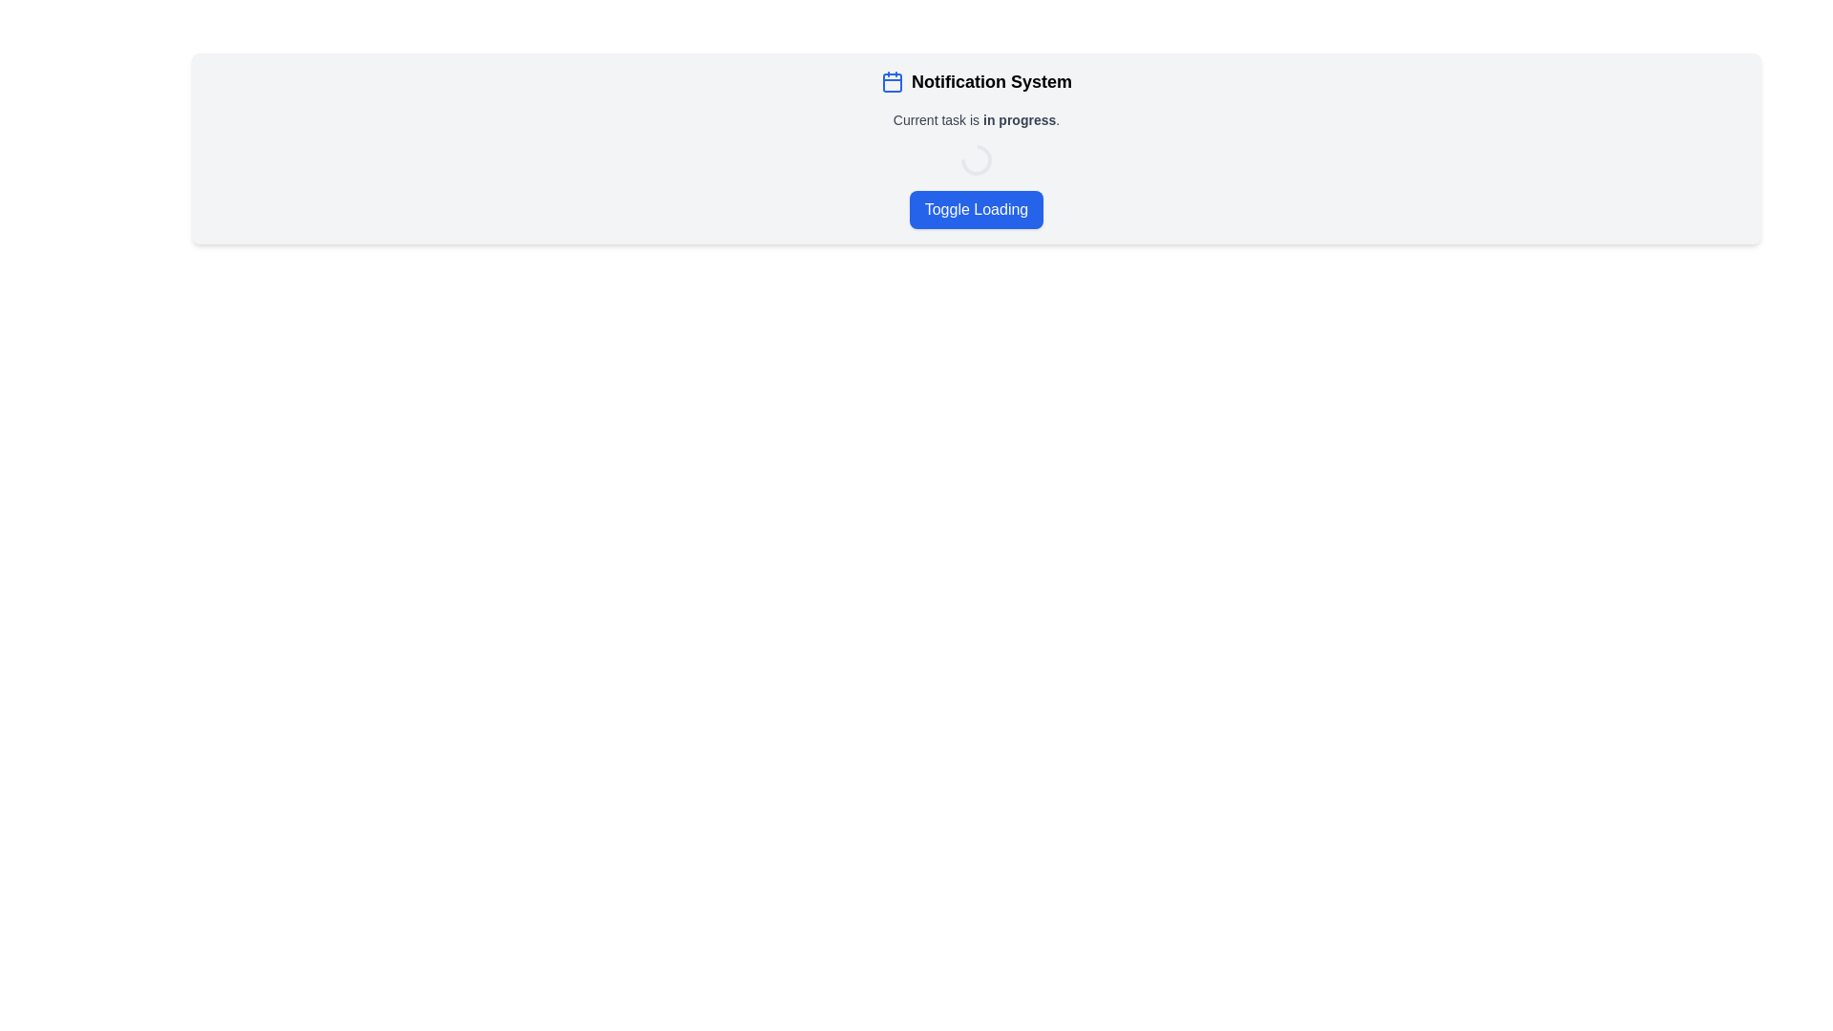  Describe the element at coordinates (976, 209) in the screenshot. I see `the 'Toggle Loading' button, which is a rectangular button with a blue background and white text, located centrally in the notification interface` at that location.